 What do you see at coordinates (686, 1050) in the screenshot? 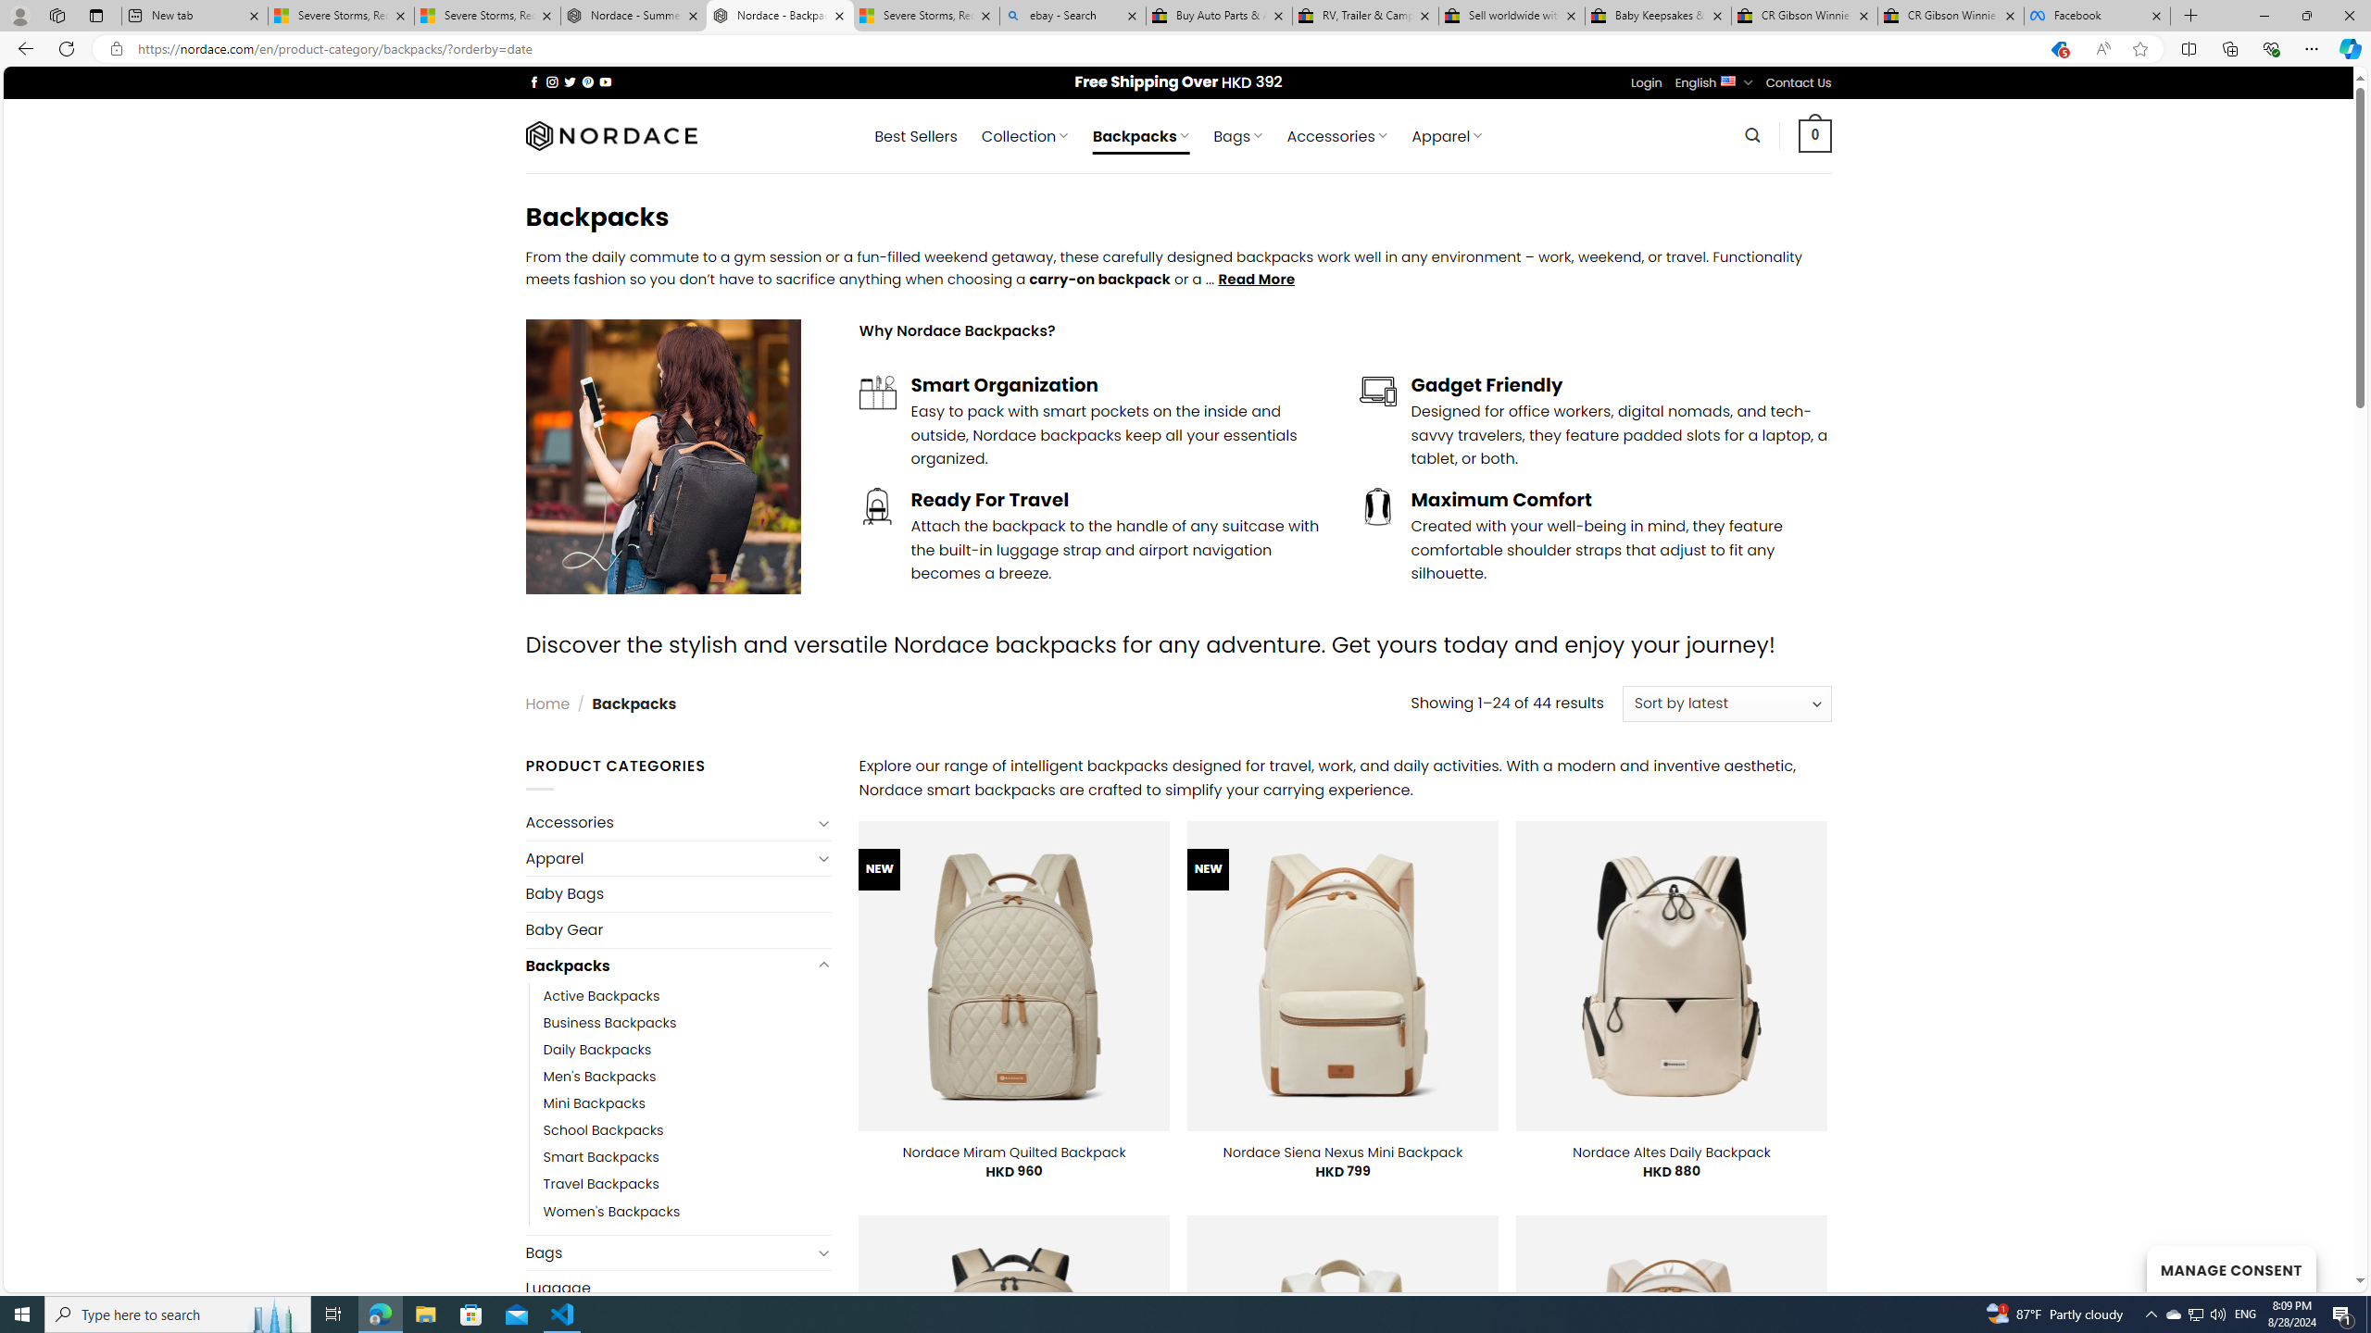
I see `'Daily Backpacks'` at bounding box center [686, 1050].